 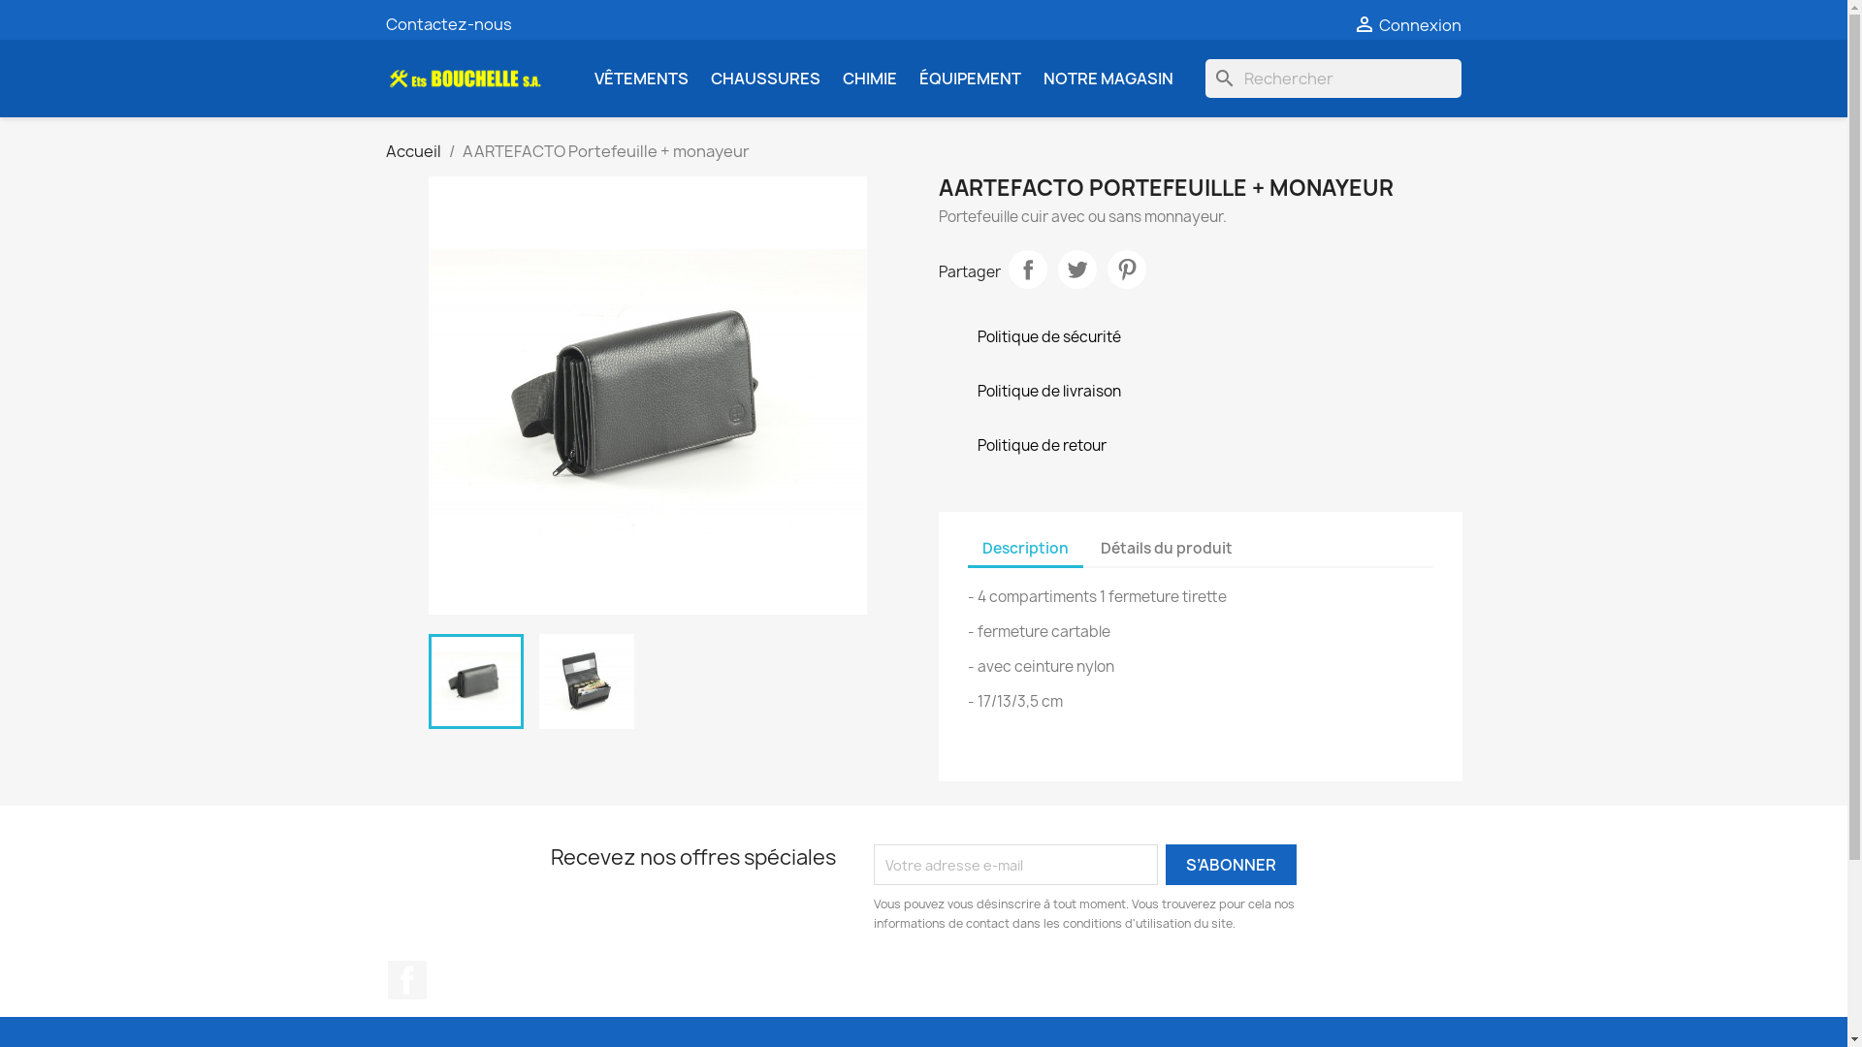 I want to click on 'Accueil', so click(x=386, y=149).